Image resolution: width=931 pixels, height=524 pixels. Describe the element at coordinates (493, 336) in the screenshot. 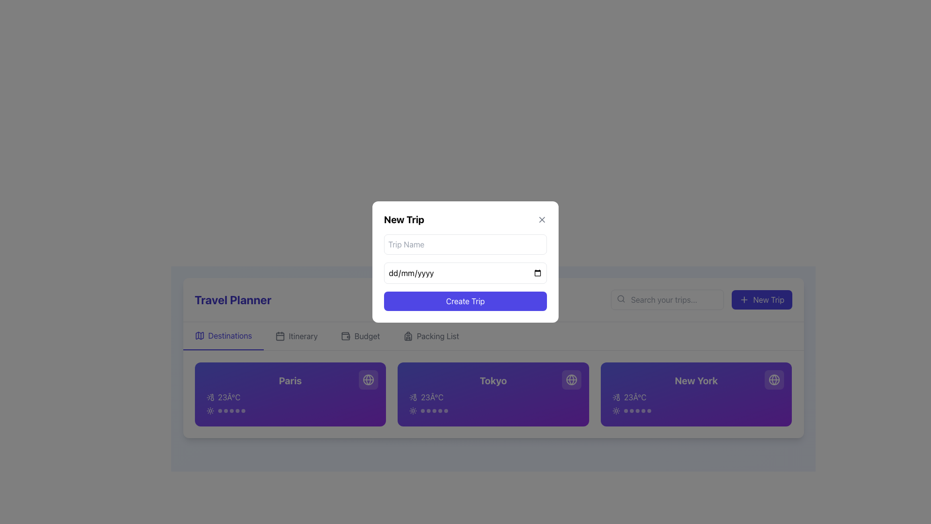

I see `the 'Itinerary' option in the Navigation menu located below the 'Travel Planner' title bar to switch to the itinerary view` at that location.